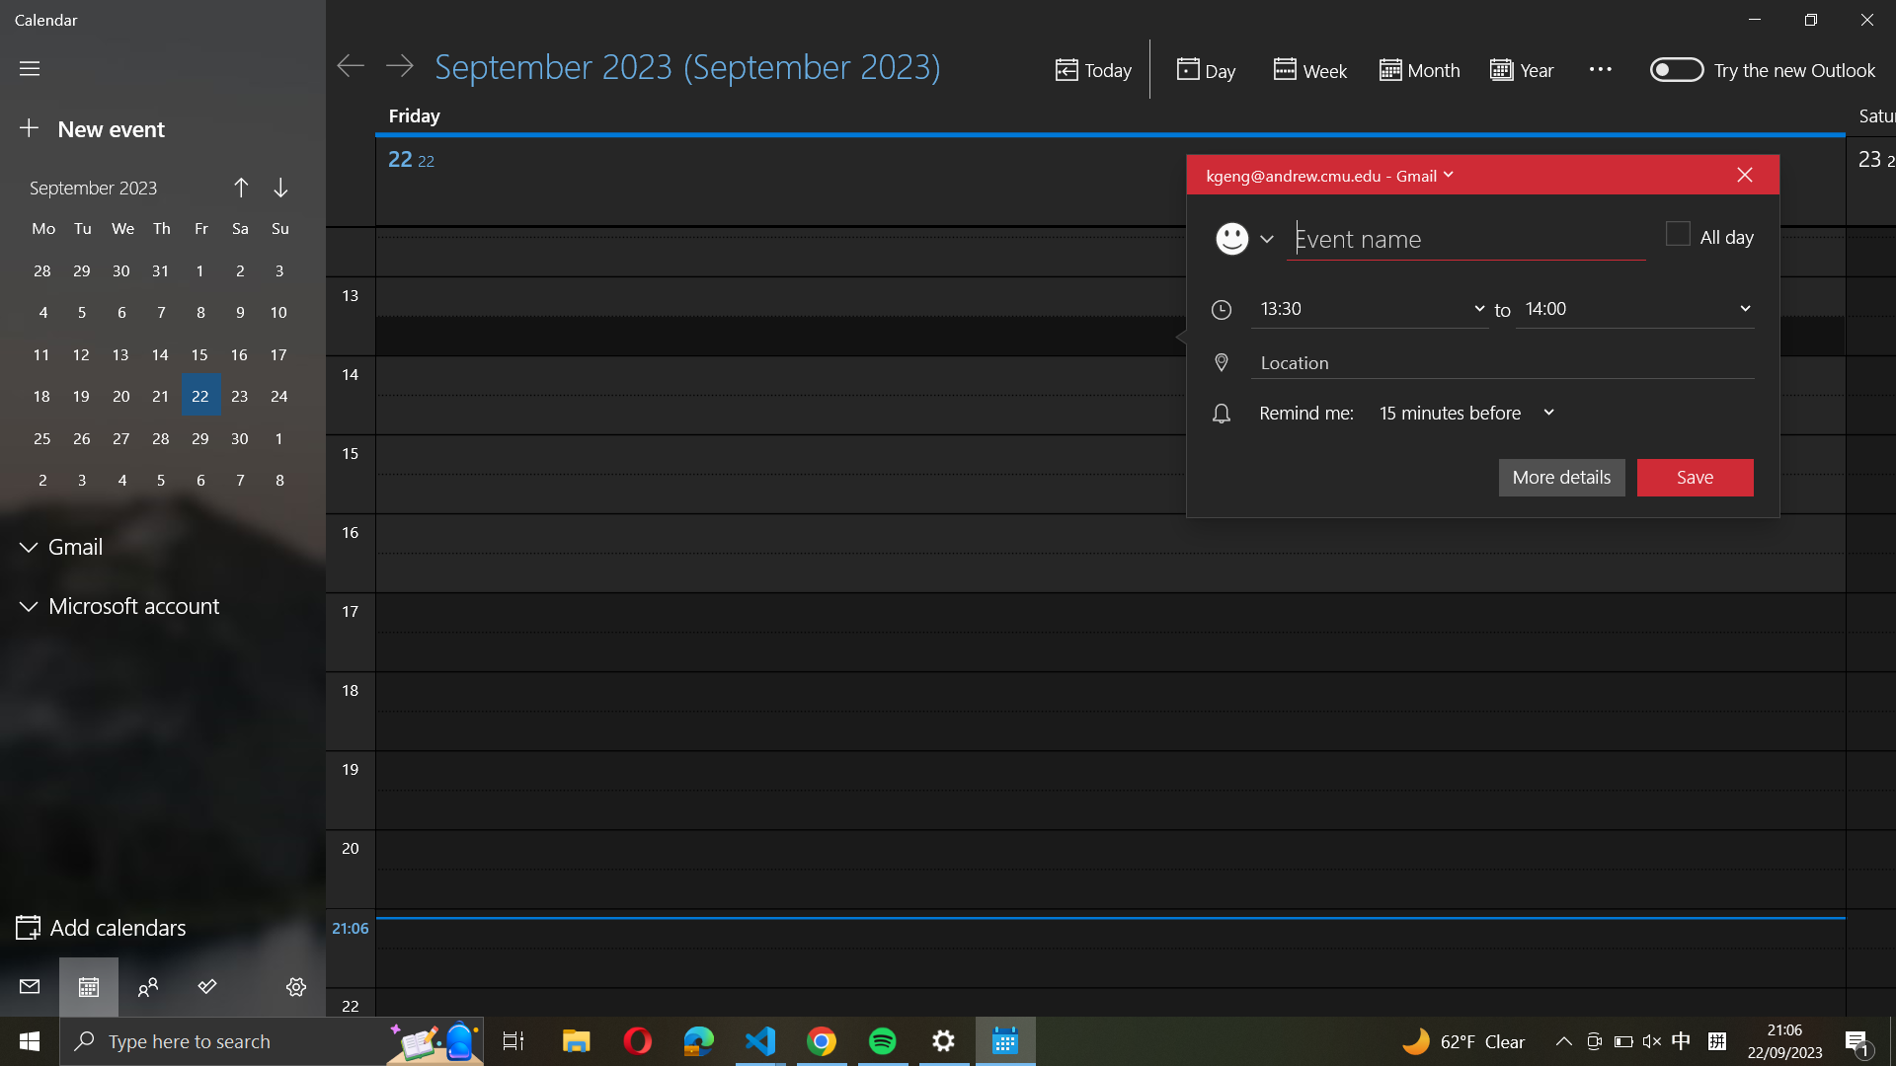 Image resolution: width=1896 pixels, height=1066 pixels. What do you see at coordinates (1695, 476) in the screenshot?
I see `Preserve the ongoing event` at bounding box center [1695, 476].